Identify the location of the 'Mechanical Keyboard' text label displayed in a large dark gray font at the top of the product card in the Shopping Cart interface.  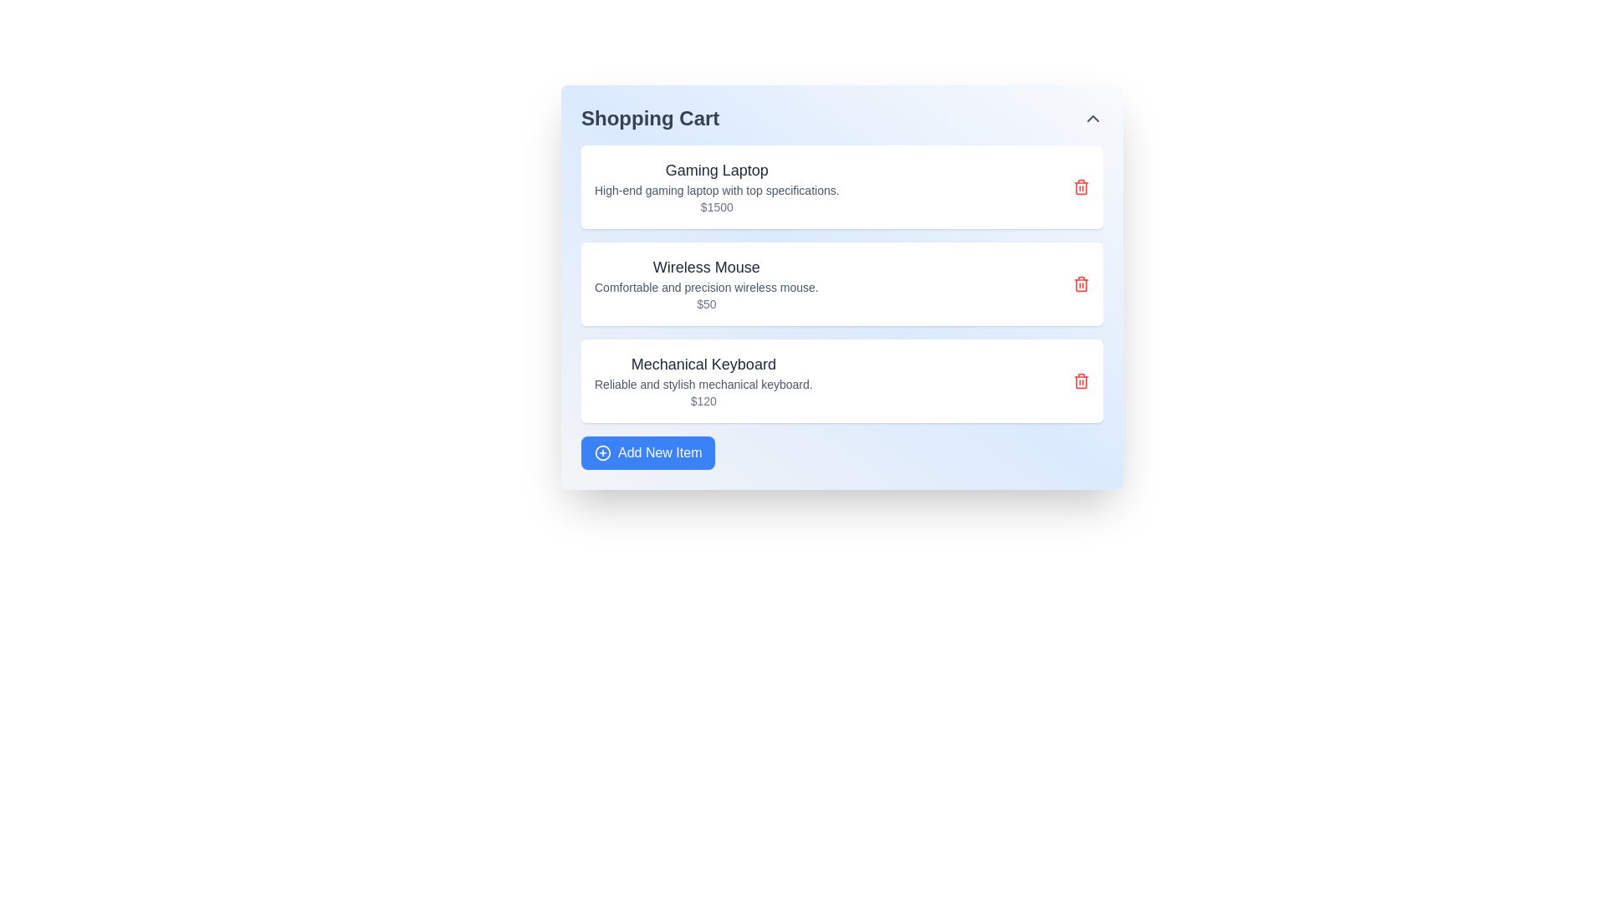
(703, 363).